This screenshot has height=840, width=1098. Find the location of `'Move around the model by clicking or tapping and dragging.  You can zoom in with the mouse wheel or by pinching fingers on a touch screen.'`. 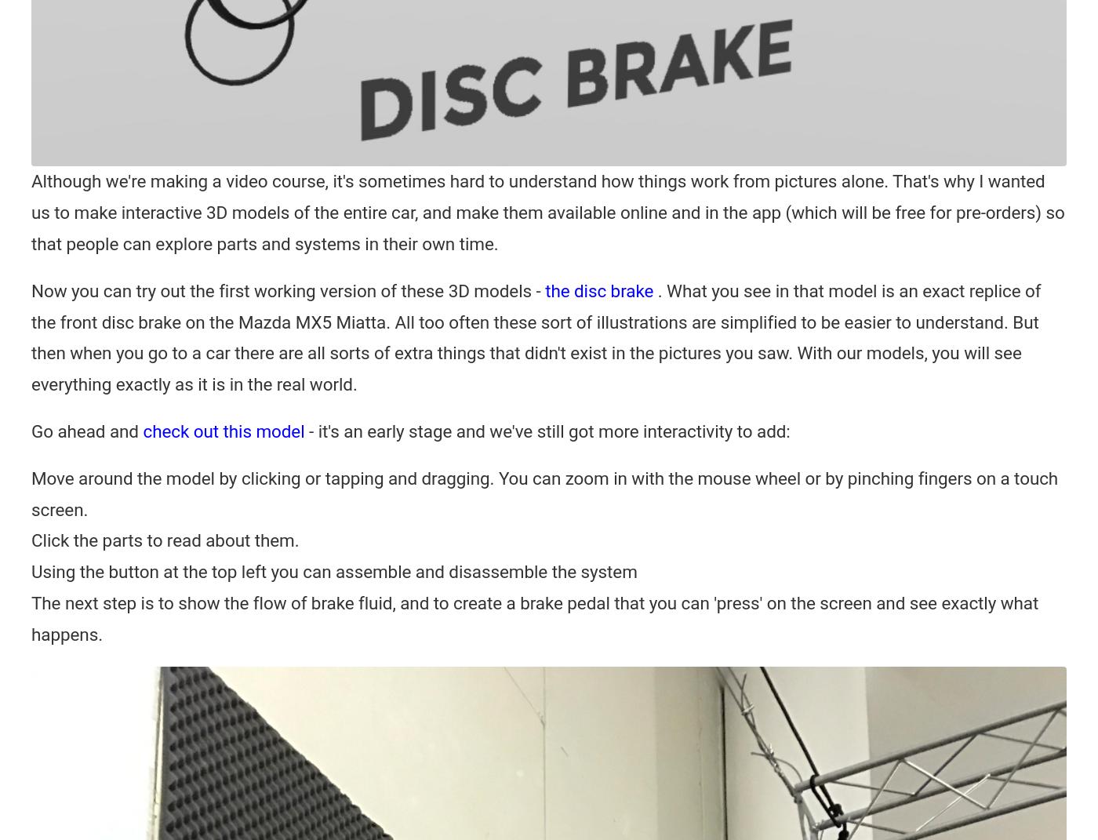

'Move around the model by clicking or tapping and dragging.  You can zoom in with the mouse wheel or by pinching fingers on a touch screen.' is located at coordinates (31, 492).